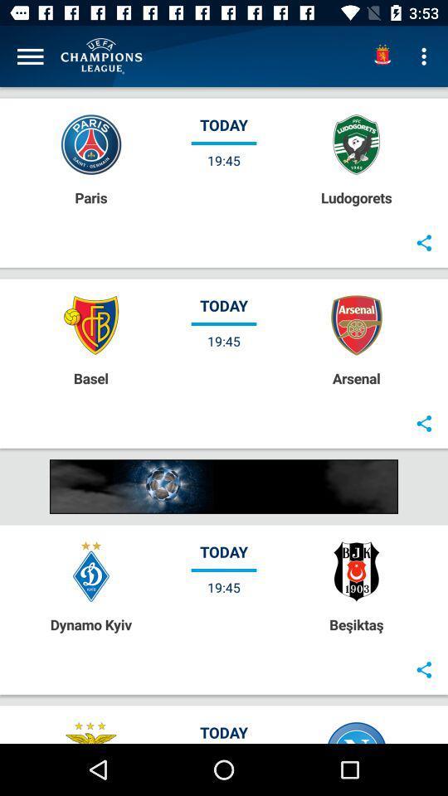 This screenshot has height=796, width=448. What do you see at coordinates (30, 56) in the screenshot?
I see `open menu` at bounding box center [30, 56].